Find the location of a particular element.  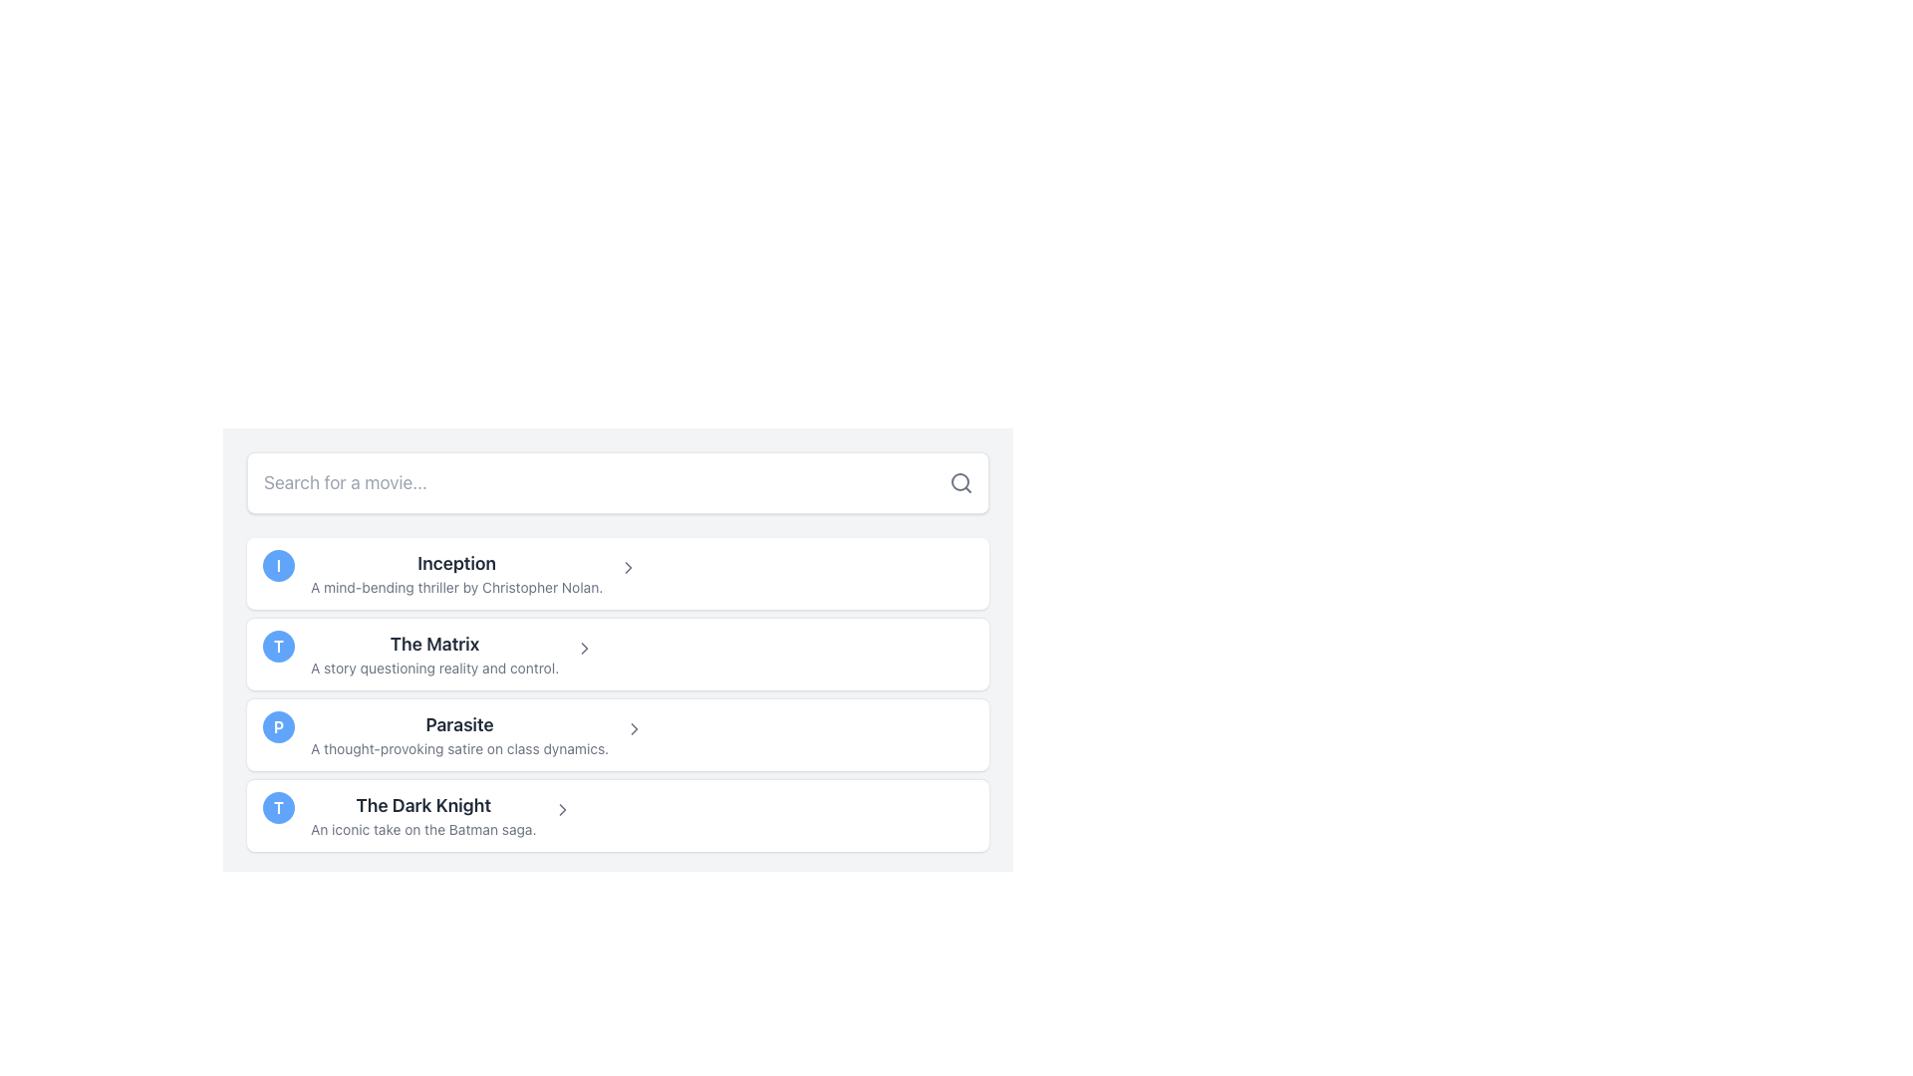

the circular badge with a blue background and the letter 'T' located to the left of the title 'The Matrix' is located at coordinates (277, 646).